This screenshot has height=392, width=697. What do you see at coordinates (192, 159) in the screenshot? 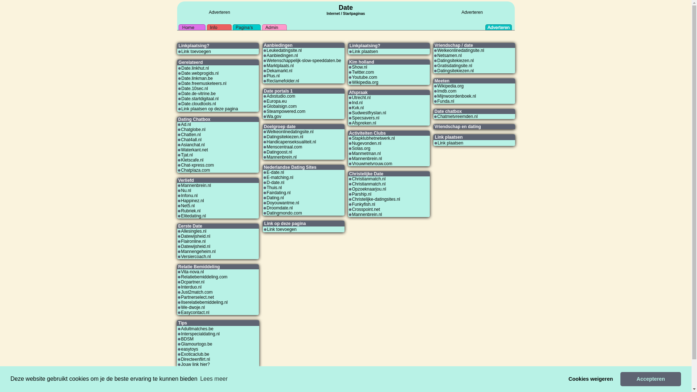
I see `'Kletscafe.nl'` at bounding box center [192, 159].